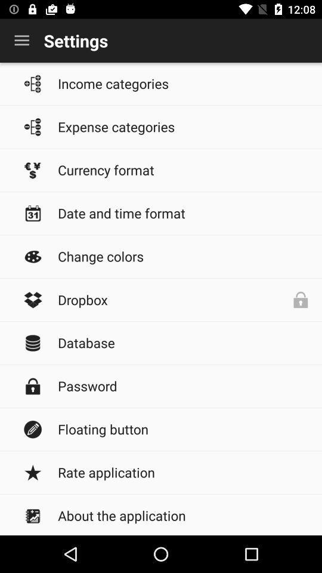 This screenshot has width=322, height=573. Describe the element at coordinates (184, 127) in the screenshot. I see `expense categories` at that location.